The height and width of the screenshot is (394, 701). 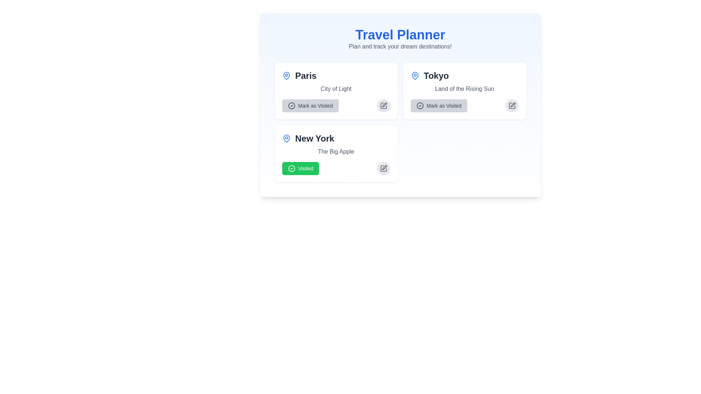 I want to click on the button located in the bottom-right corner of the 'New York' destination card, so click(x=383, y=169).